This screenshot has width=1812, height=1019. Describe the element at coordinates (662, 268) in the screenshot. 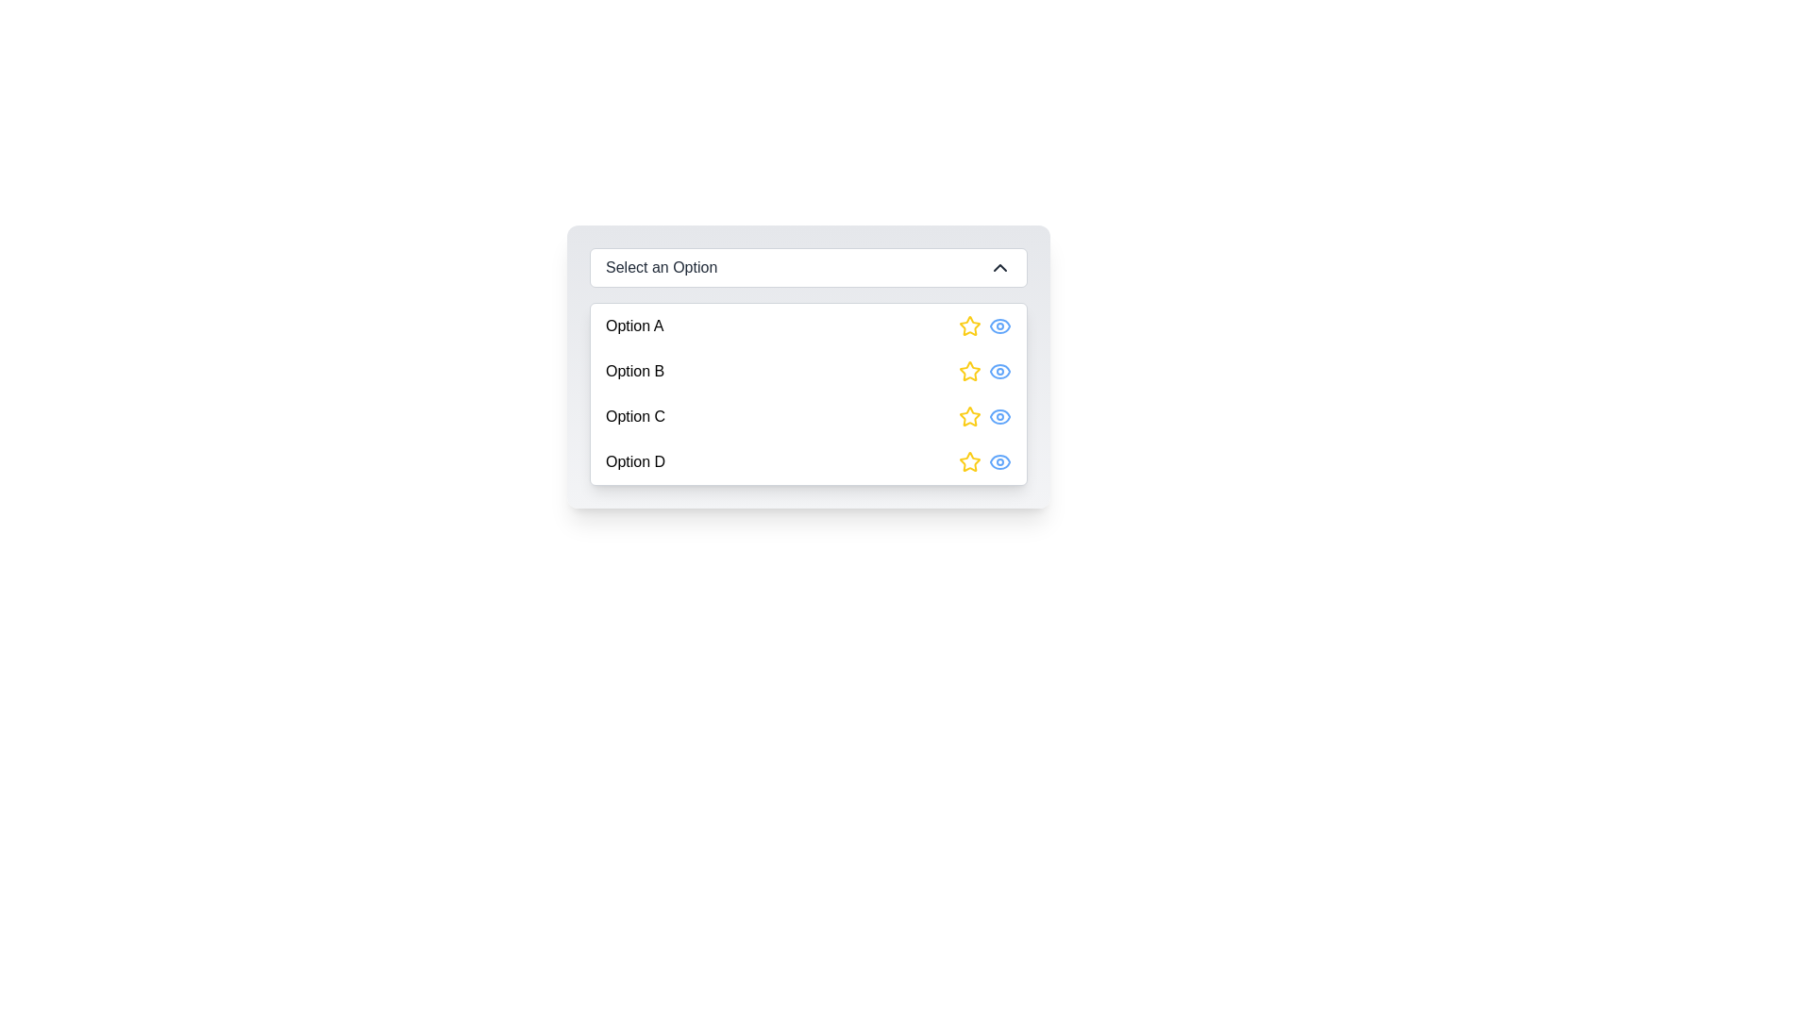

I see `the static label 'Select an Option' in the dropdown control, which is styled with white text and is part of a larger interface component aligned at the top` at that location.